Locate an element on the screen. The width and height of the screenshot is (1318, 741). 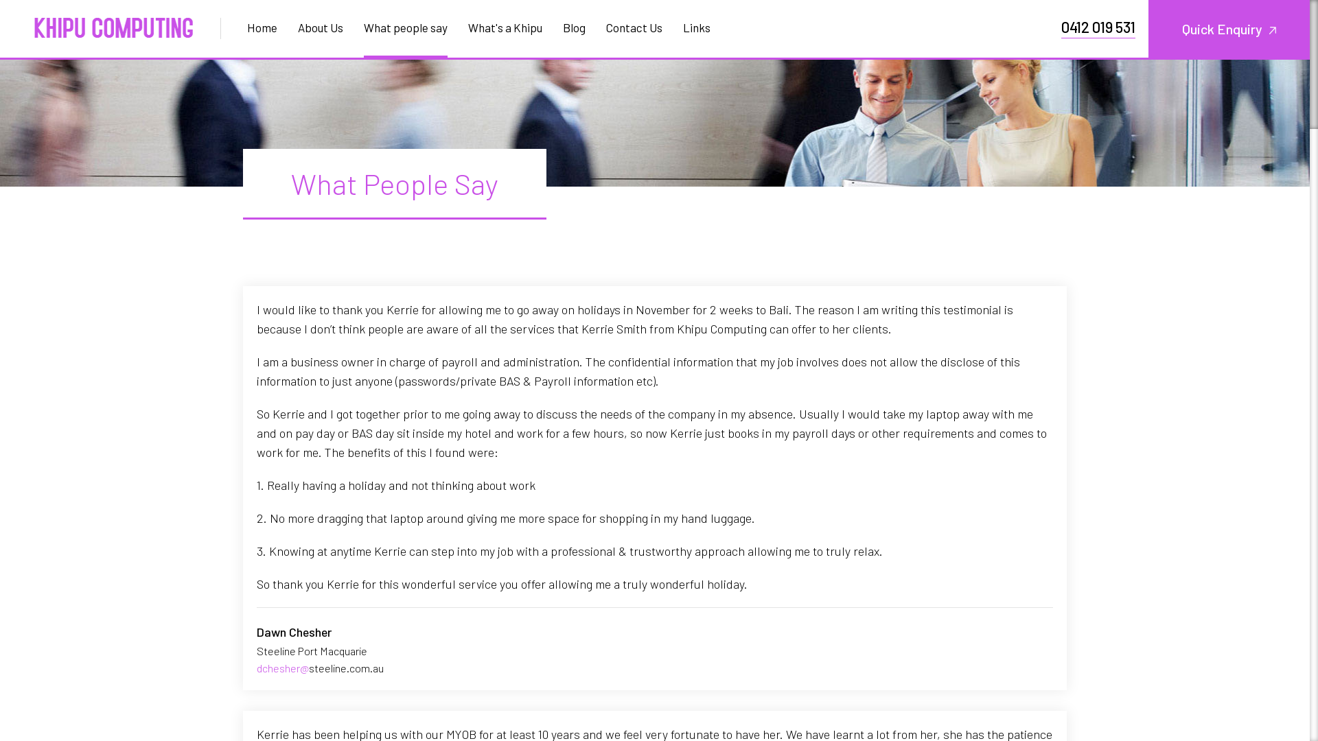
'dchesher@' is located at coordinates (257, 667).